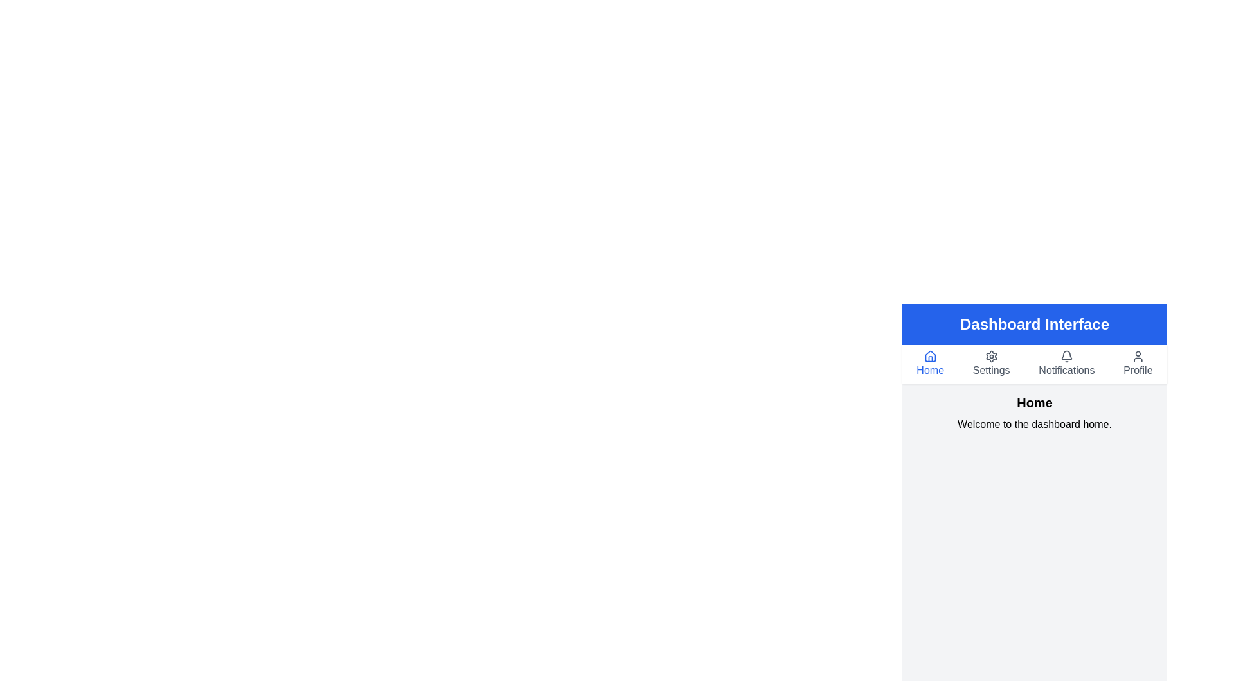 The width and height of the screenshot is (1234, 694). Describe the element at coordinates (930, 364) in the screenshot. I see `the 'Home' navigation button, which is styled in blue and features a house icon above the label 'Home'` at that location.